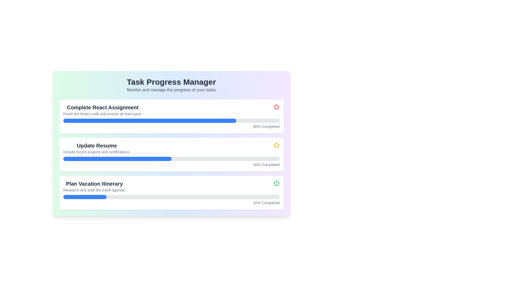  What do you see at coordinates (103, 113) in the screenshot?
I see `descriptive text located below the 'Complete React Assignment' task to understand its content` at bounding box center [103, 113].